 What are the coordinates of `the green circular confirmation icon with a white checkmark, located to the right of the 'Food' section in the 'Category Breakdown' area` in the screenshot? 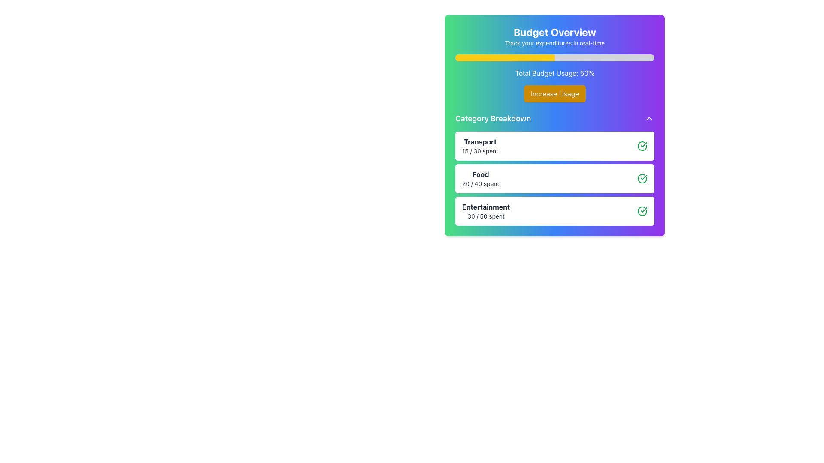 It's located at (642, 178).